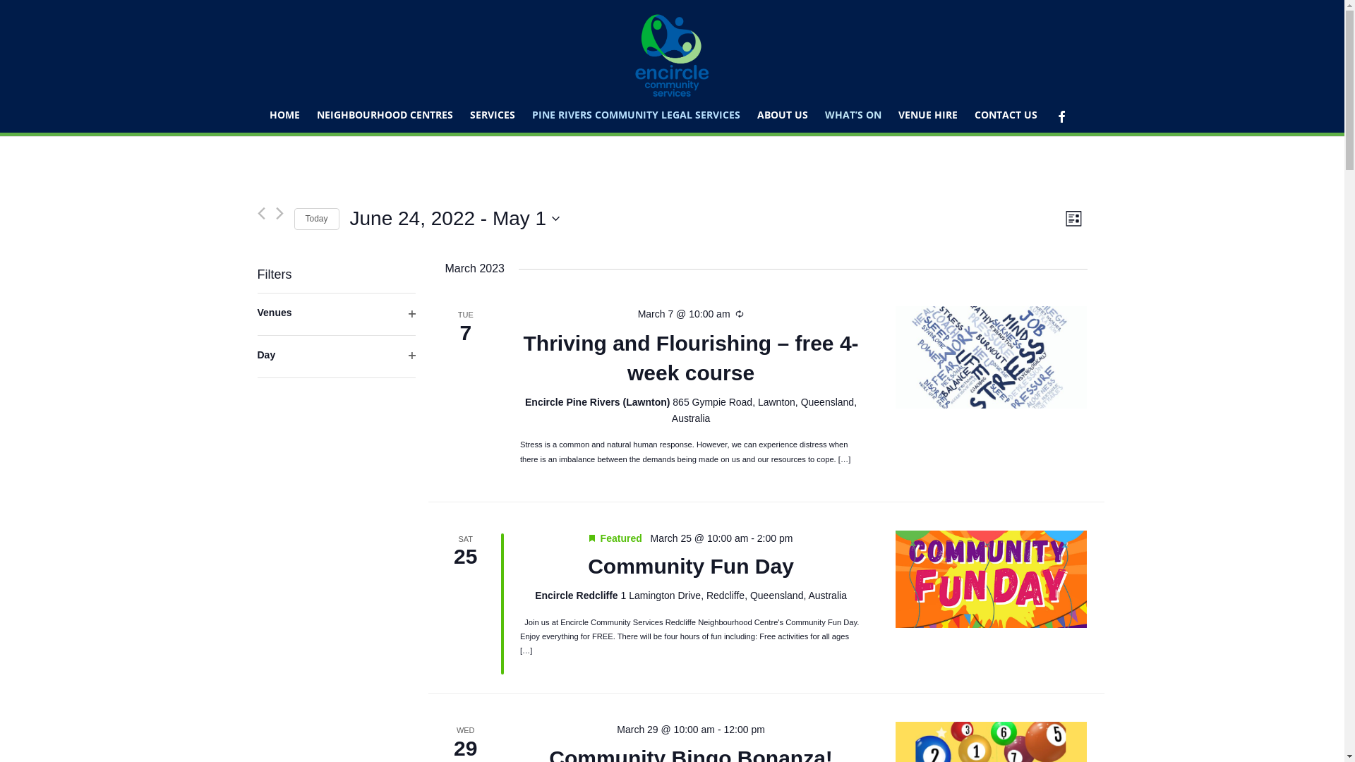 The width and height of the screenshot is (1355, 762). I want to click on 'Previous Events', so click(260, 213).